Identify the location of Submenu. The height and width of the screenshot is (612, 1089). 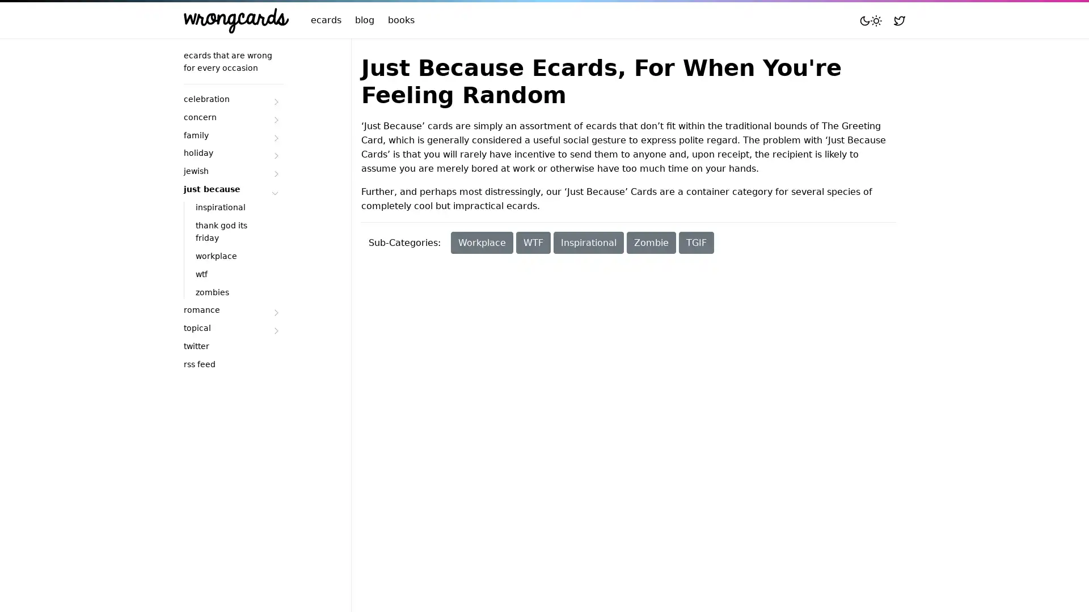
(275, 155).